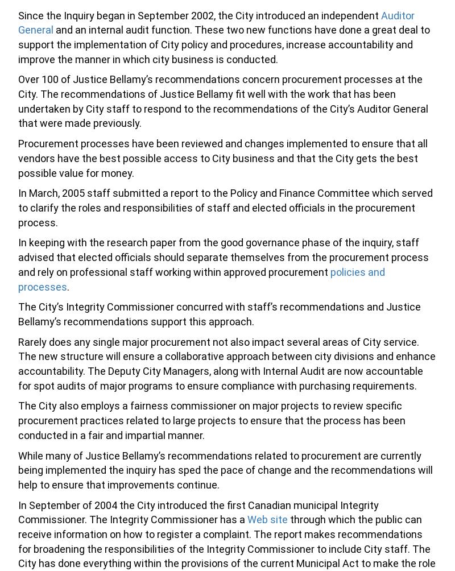 The image size is (455, 571). What do you see at coordinates (18, 15) in the screenshot?
I see `'Since the Inquiry began in September 2002, the City introduced an independent'` at bounding box center [18, 15].